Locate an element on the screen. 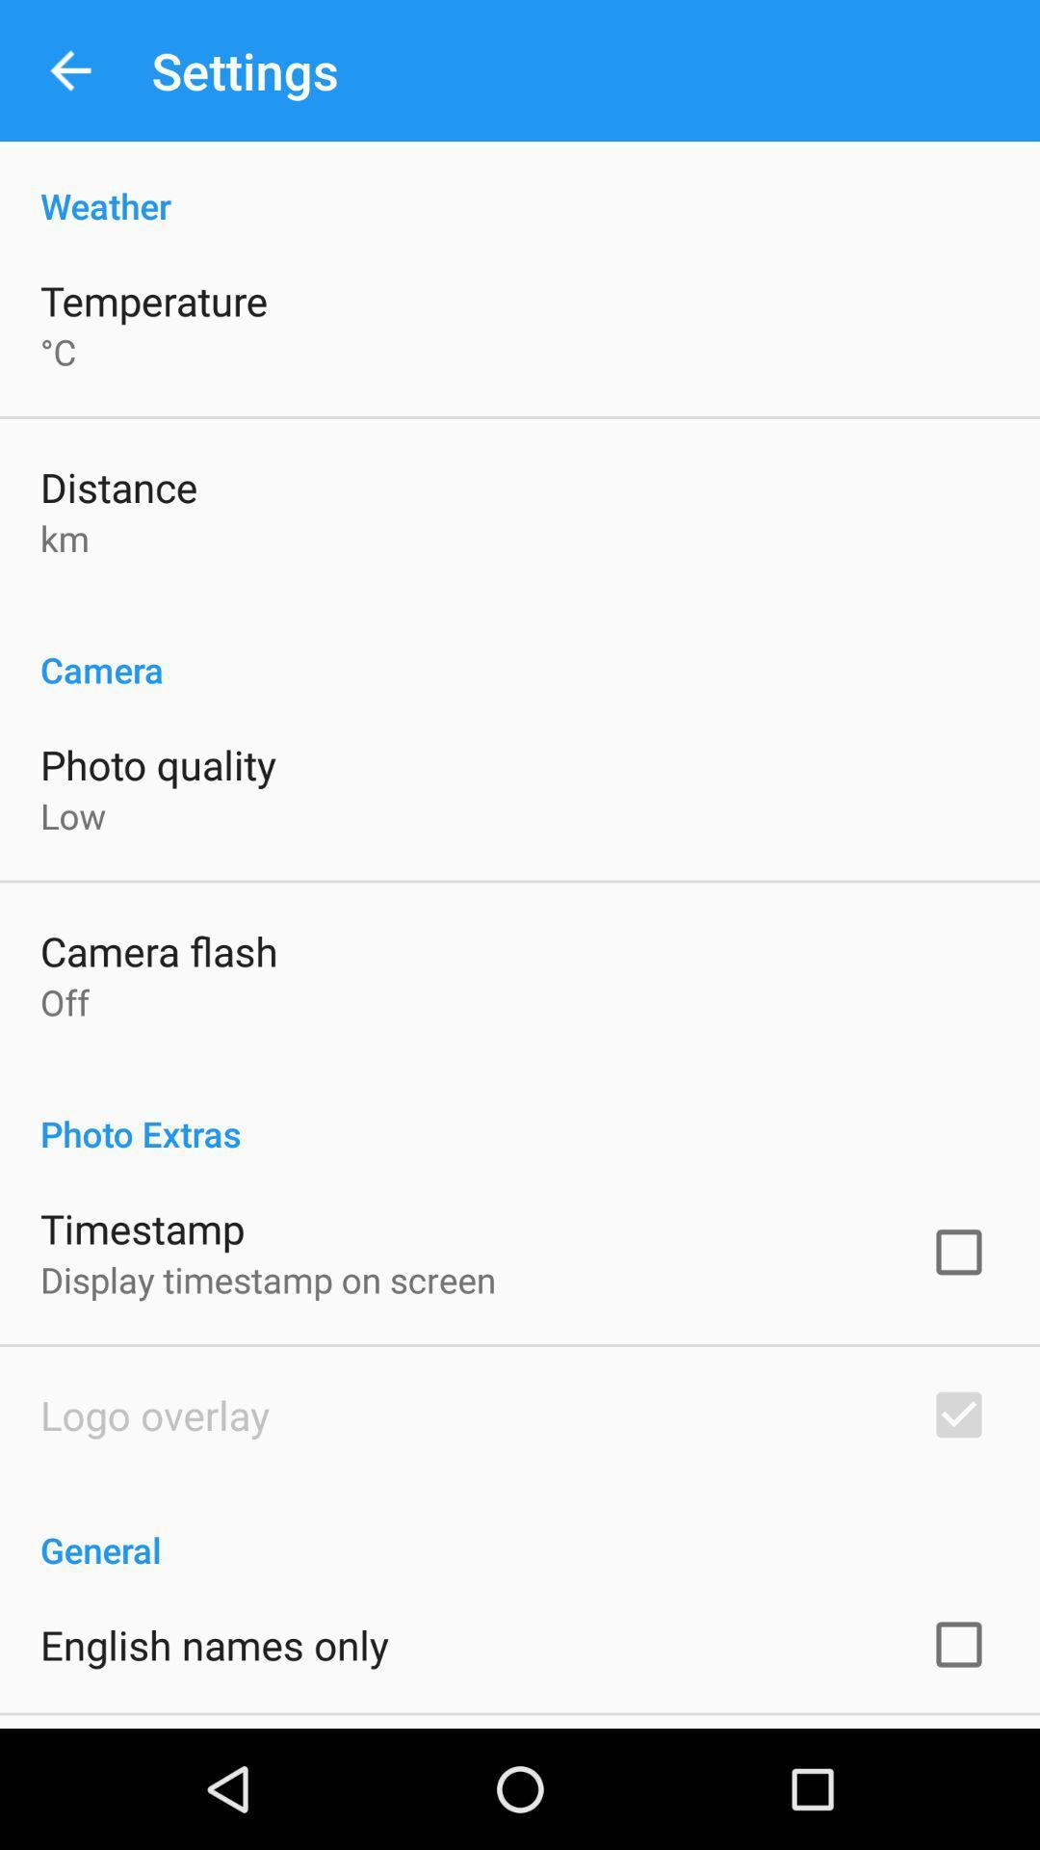 The width and height of the screenshot is (1040, 1850). the item below the camera app is located at coordinates (157, 763).